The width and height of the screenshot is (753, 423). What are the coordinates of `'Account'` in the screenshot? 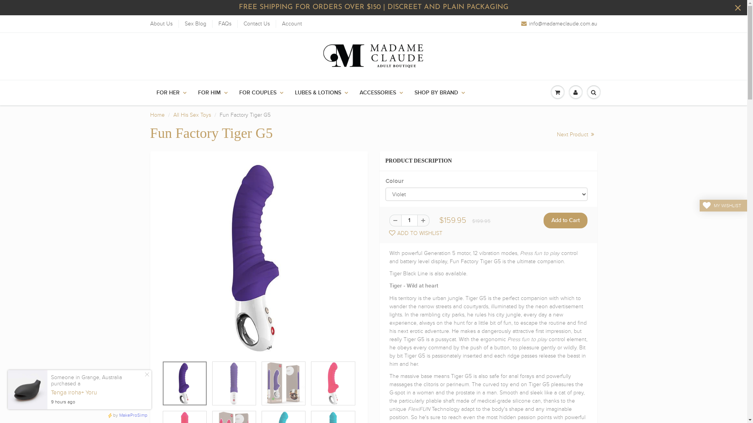 It's located at (282, 23).